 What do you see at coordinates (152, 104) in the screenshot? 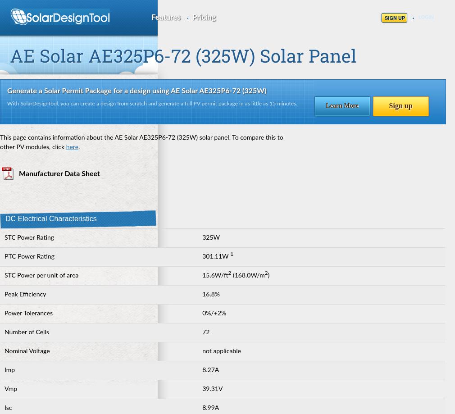
I see `'With SolarDesignTool, you can create a design from scratch and generate a full PV permit package in as little as 15 minutes.'` at bounding box center [152, 104].